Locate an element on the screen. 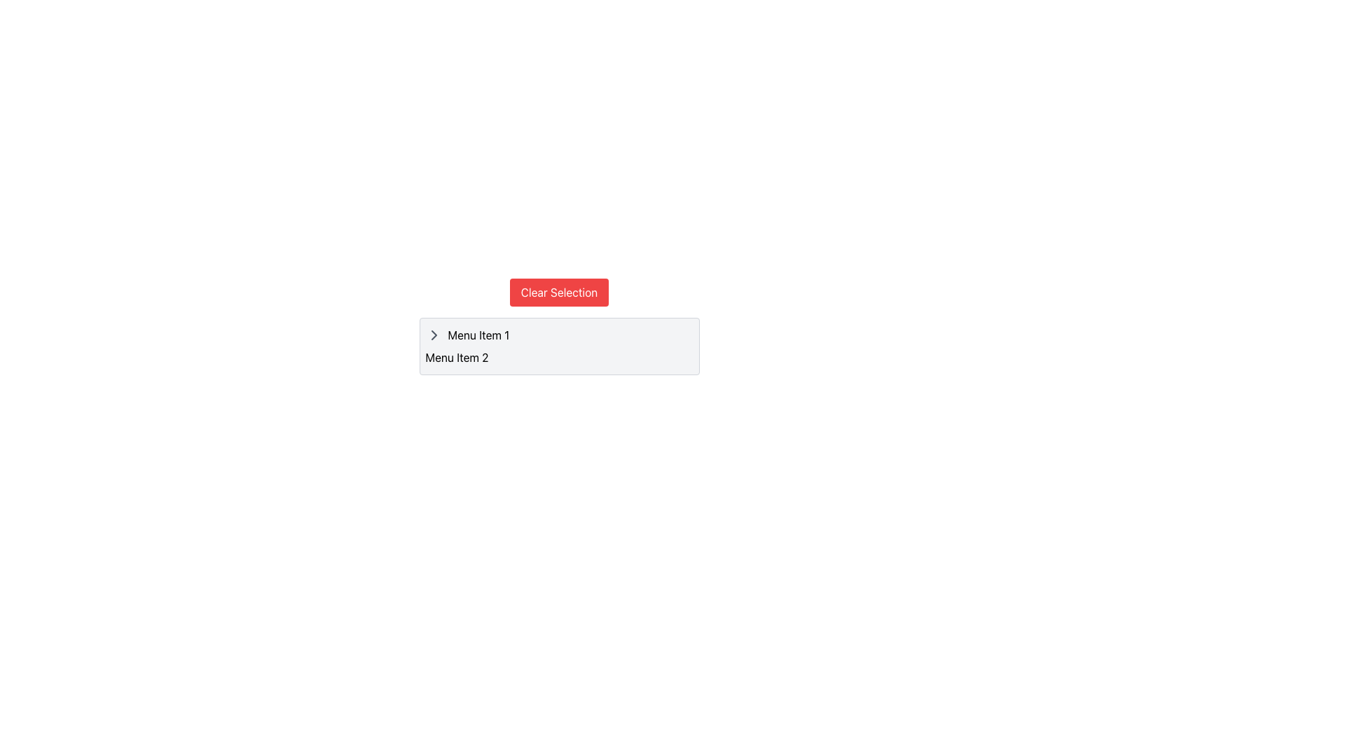  the textual menu item labeled 'Menu Item 2' is located at coordinates (558, 356).